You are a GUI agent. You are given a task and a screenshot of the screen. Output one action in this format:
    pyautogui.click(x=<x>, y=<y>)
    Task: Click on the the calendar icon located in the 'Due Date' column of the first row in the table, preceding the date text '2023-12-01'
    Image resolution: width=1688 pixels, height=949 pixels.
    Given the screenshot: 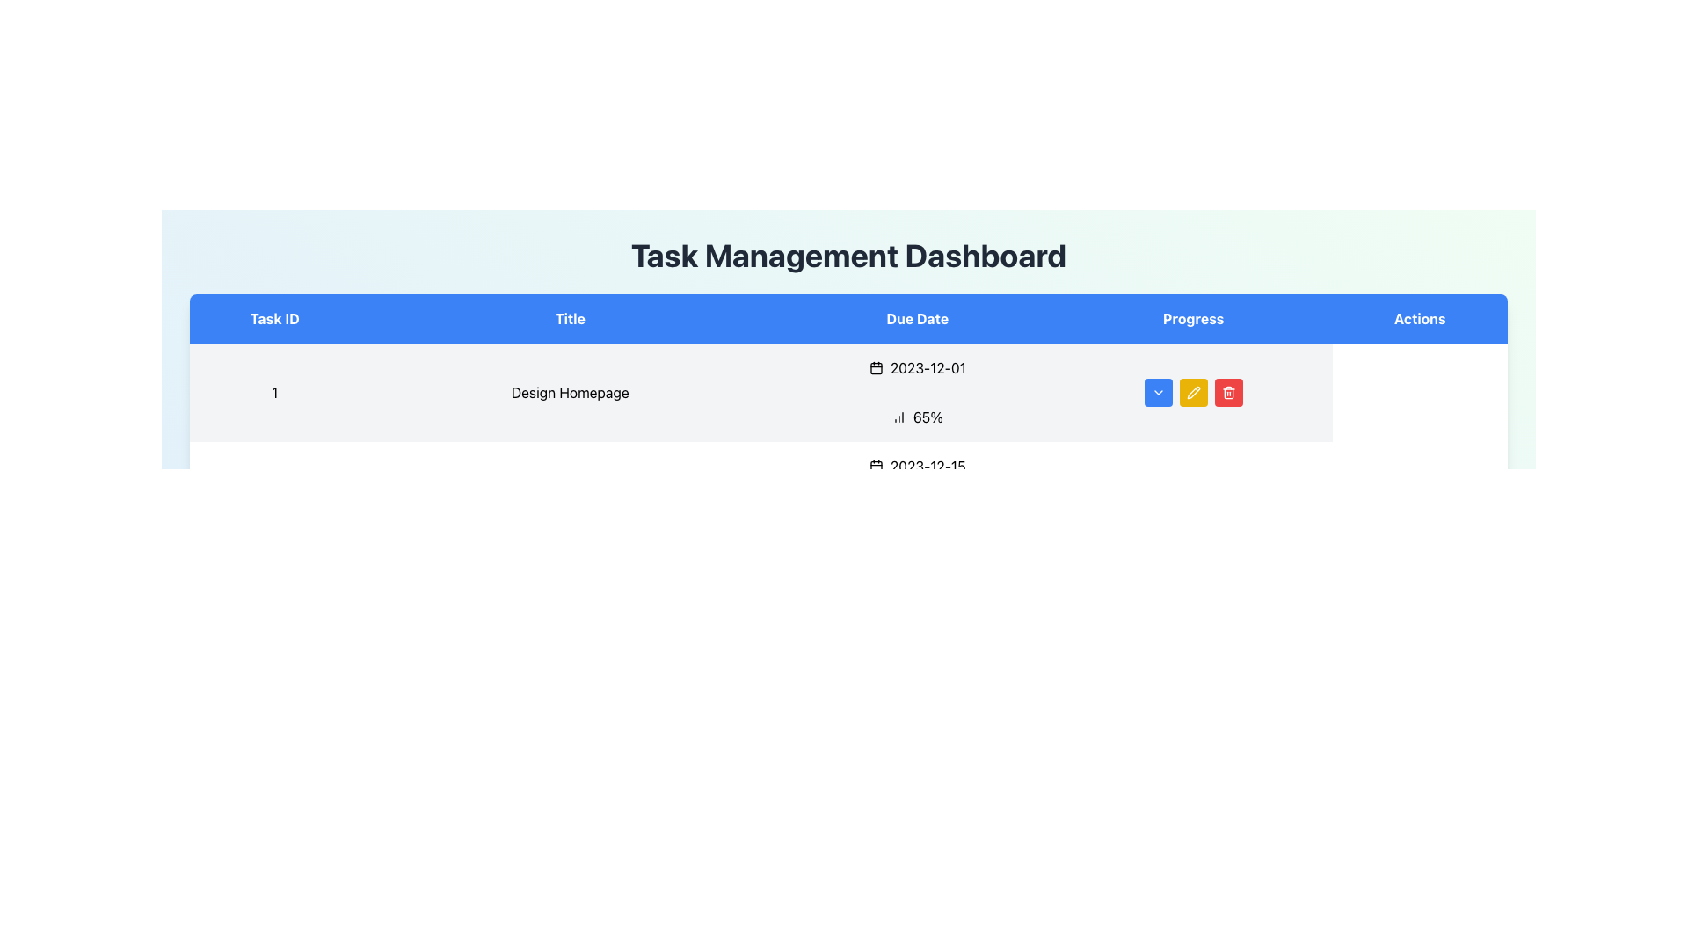 What is the action you would take?
    pyautogui.click(x=876, y=367)
    